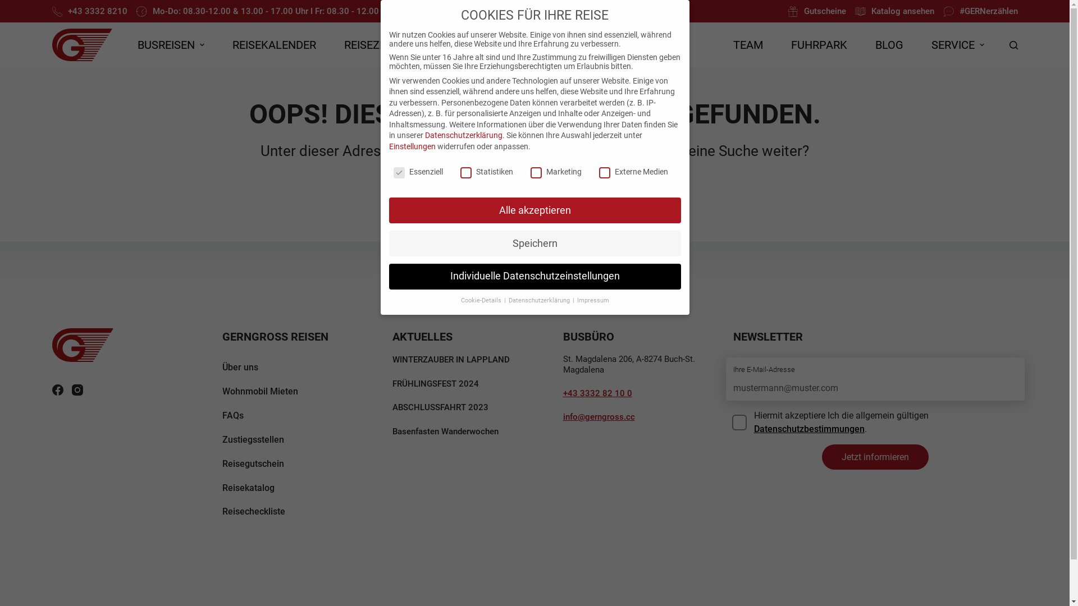  What do you see at coordinates (957, 44) in the screenshot?
I see `'SERVICE'` at bounding box center [957, 44].